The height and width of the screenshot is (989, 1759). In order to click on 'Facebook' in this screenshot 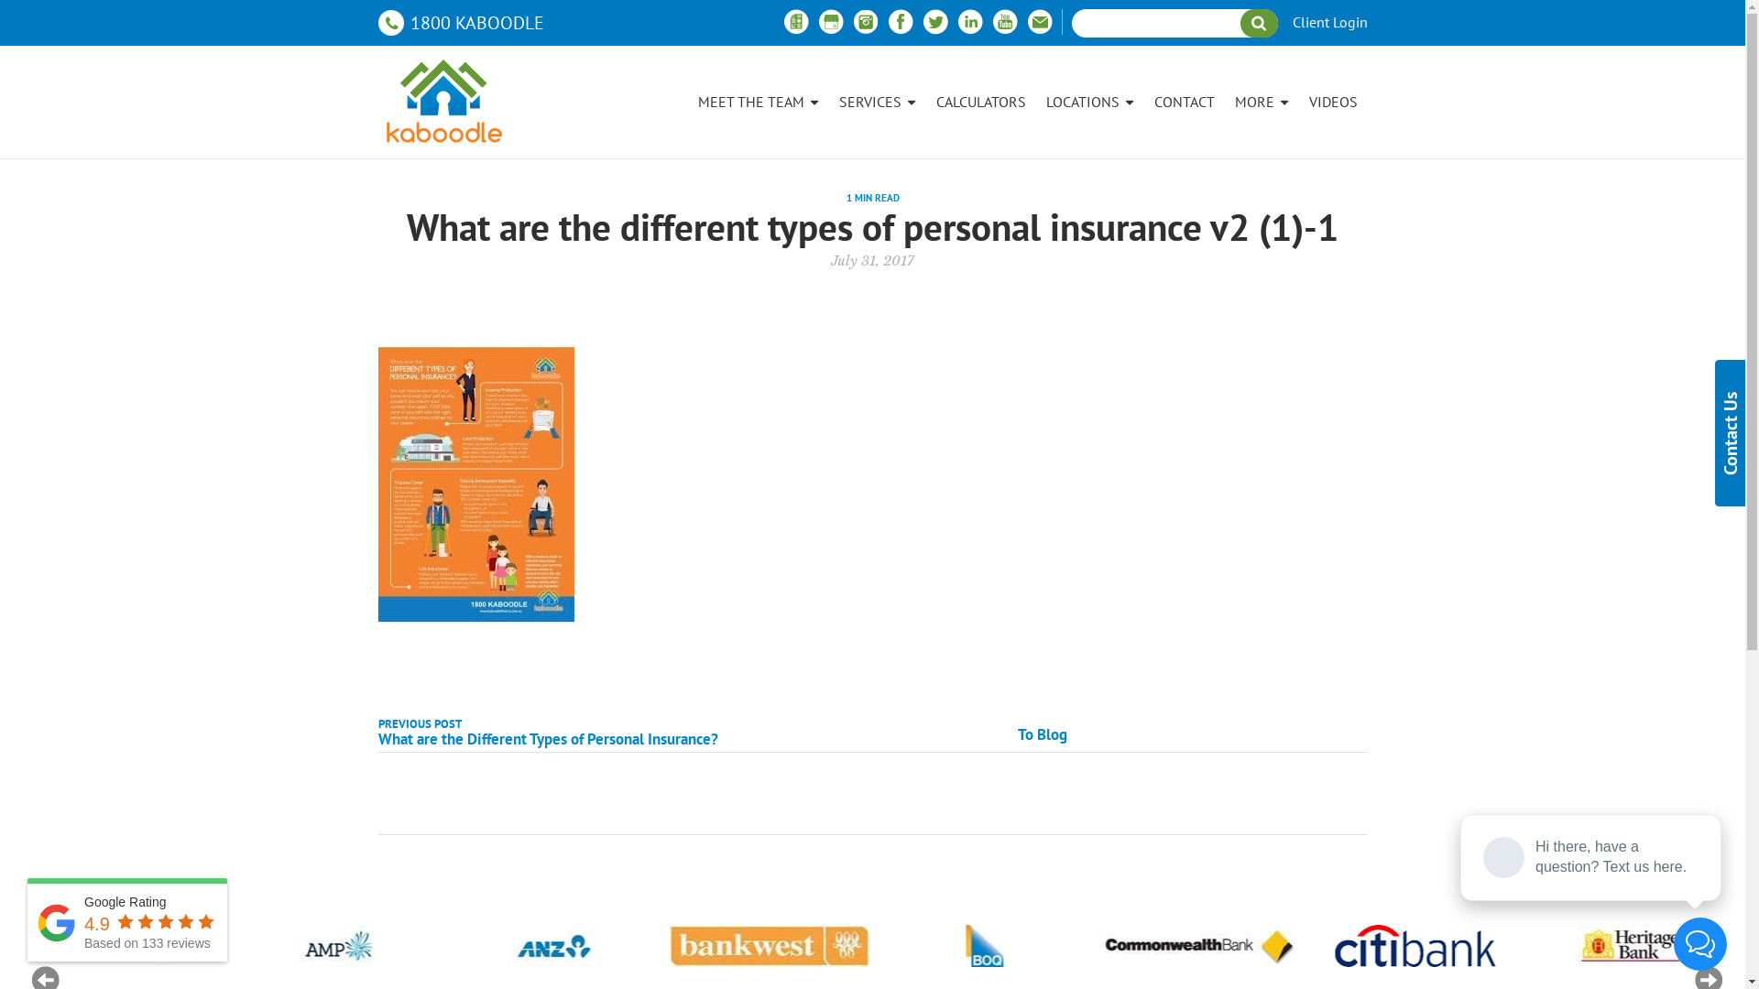, I will do `click(887, 21)`.